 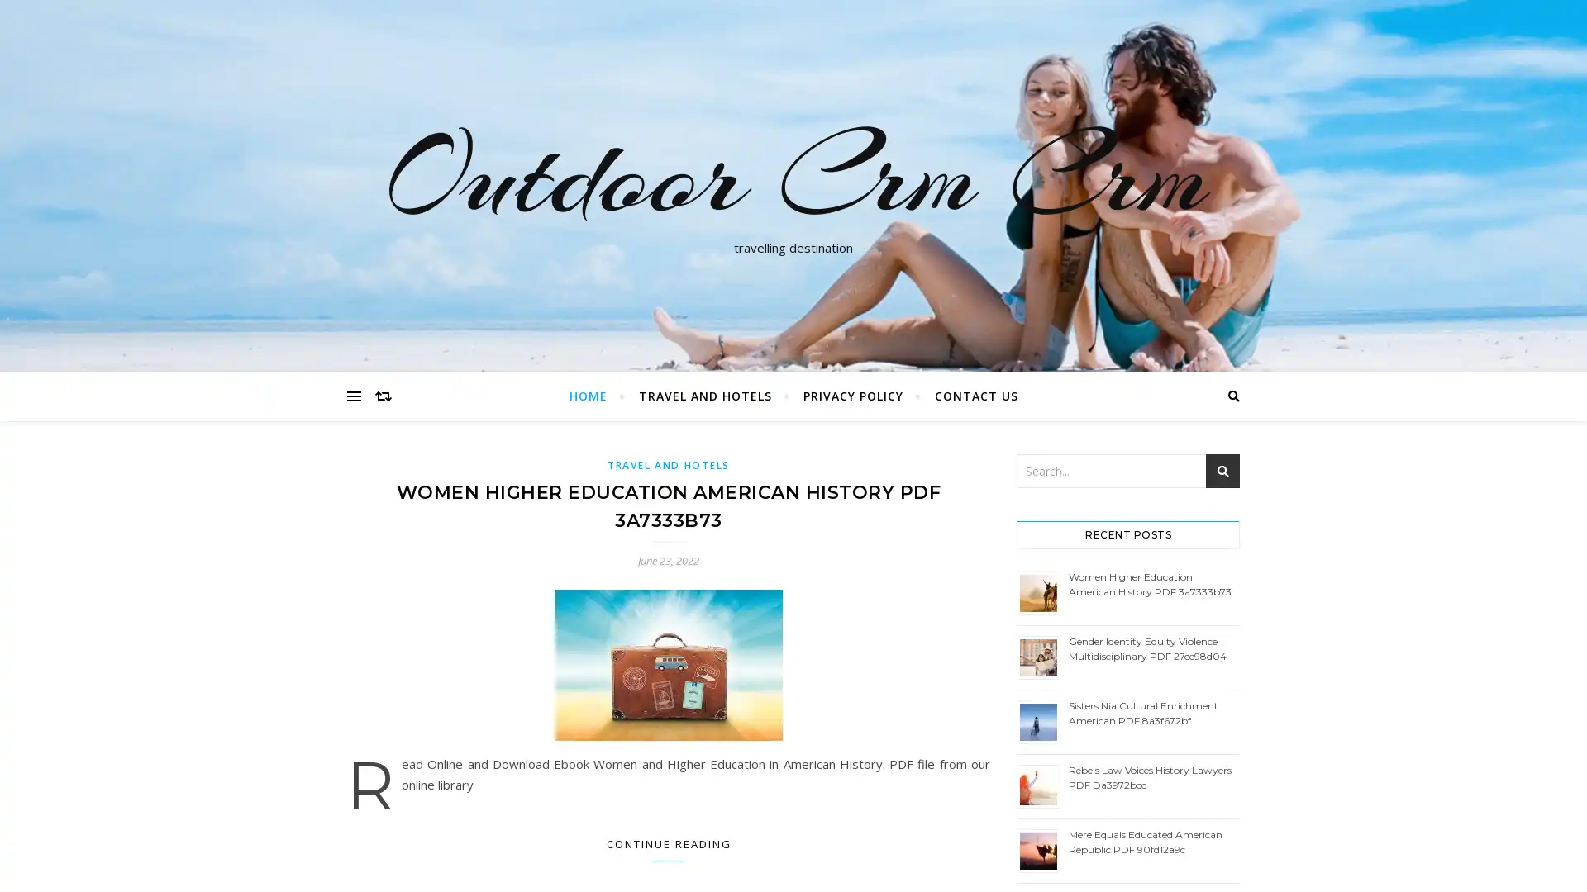 I want to click on st, so click(x=1222, y=471).